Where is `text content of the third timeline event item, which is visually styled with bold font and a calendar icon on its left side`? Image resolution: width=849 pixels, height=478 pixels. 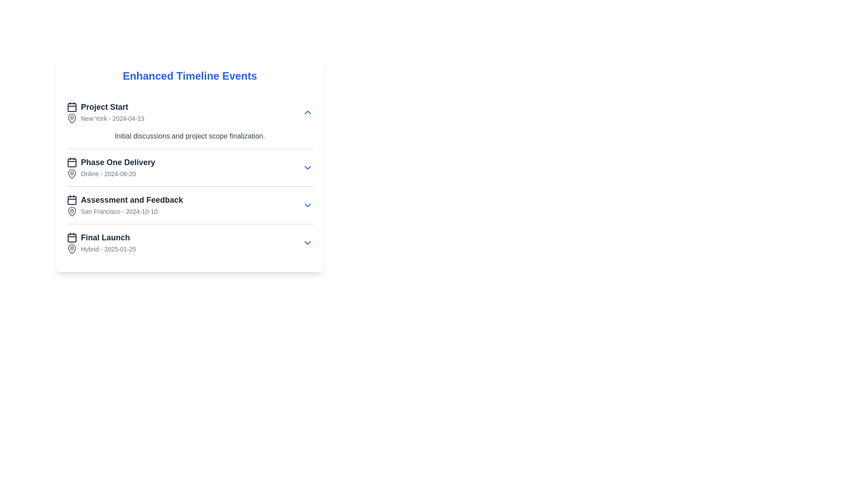
text content of the third timeline event item, which is visually styled with bold font and a calendar icon on its left side is located at coordinates (124, 200).